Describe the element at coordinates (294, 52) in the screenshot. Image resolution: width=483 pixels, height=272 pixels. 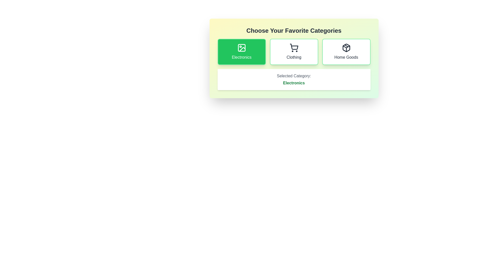
I see `the category button corresponding to Clothing` at that location.